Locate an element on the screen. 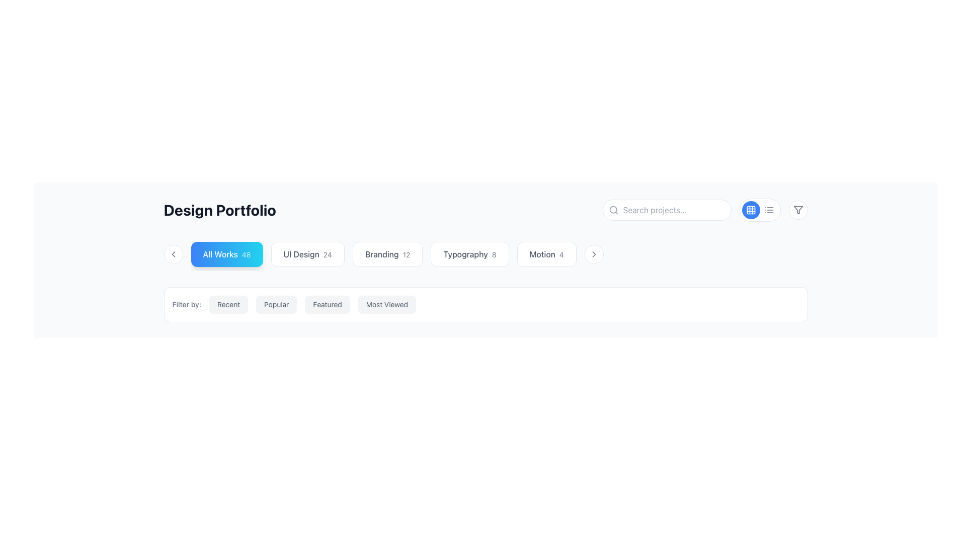  the navigation button for the 'UI Design' category, which is the second button in a horizontal list located between the 'All Works' and 'Branding' buttons is located at coordinates (307, 253).